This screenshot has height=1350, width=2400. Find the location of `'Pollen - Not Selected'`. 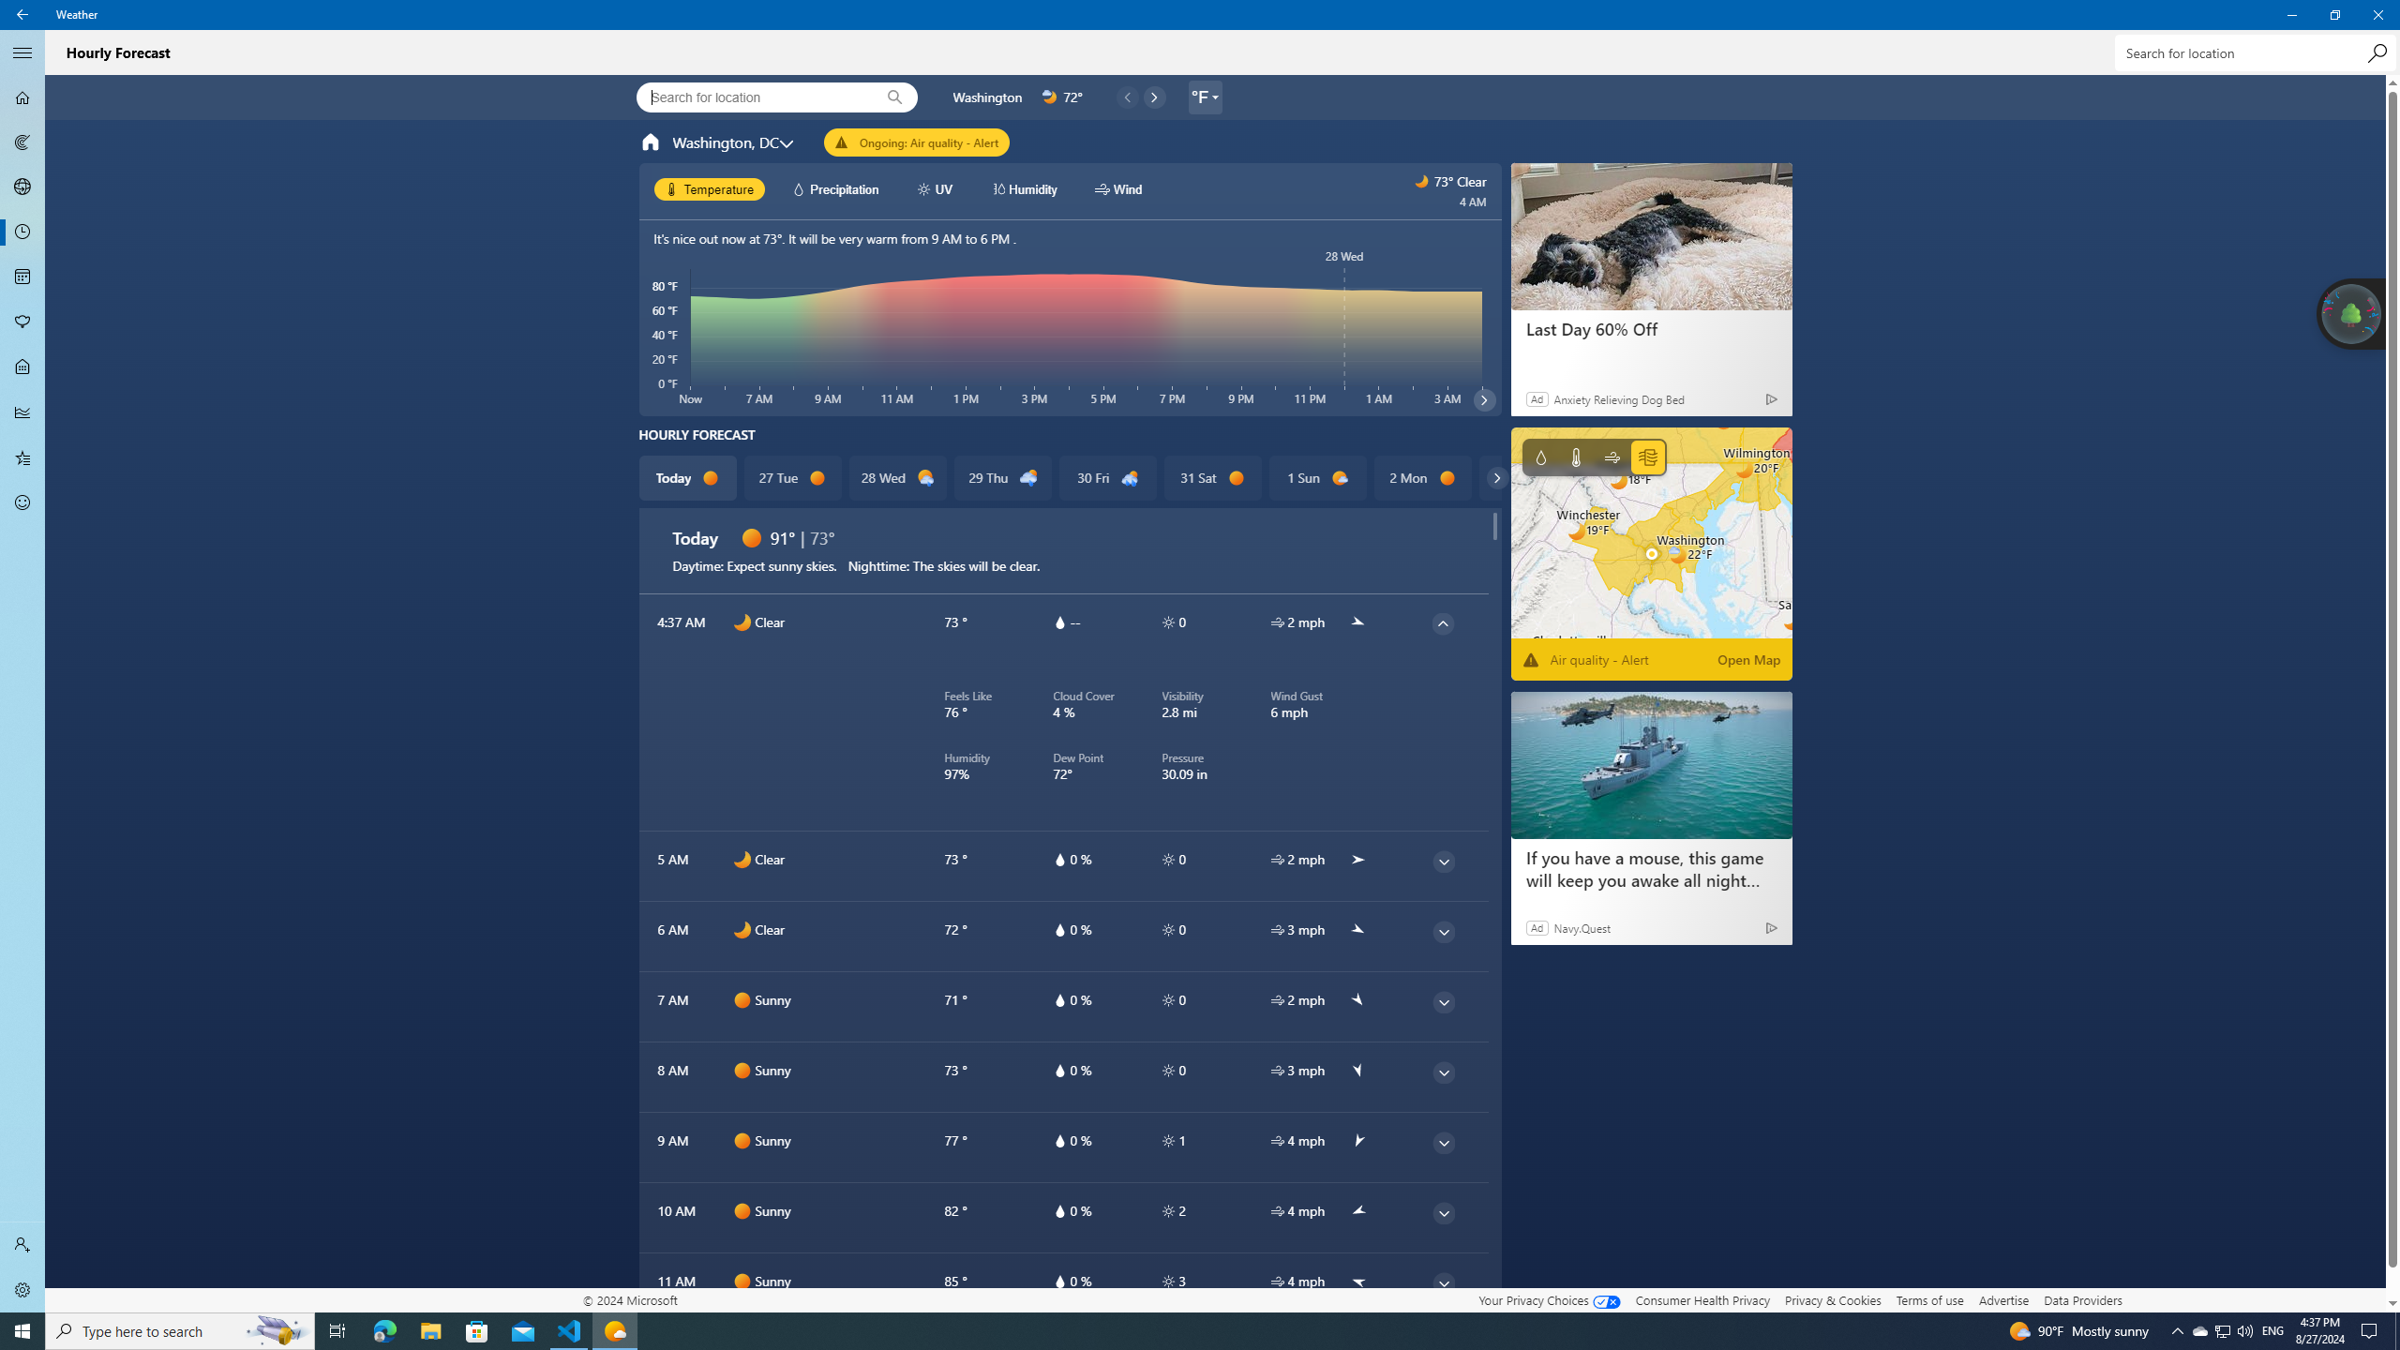

'Pollen - Not Selected' is located at coordinates (22, 322).